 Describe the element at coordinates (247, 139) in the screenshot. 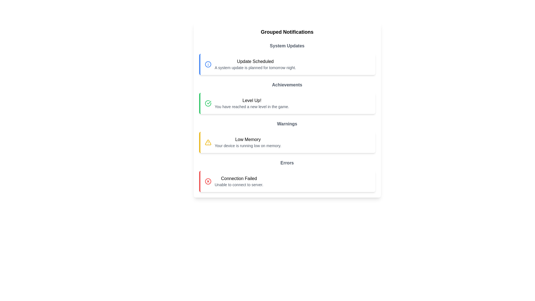

I see `the 'Low Memory' warning title text label located in the 'Warnings' section of the notifications interface` at that location.